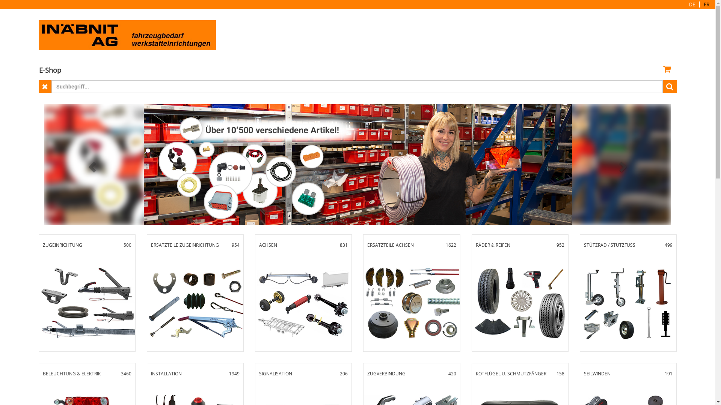 The width and height of the screenshot is (721, 405). What do you see at coordinates (303, 292) in the screenshot?
I see `'ACHSEN` at bounding box center [303, 292].